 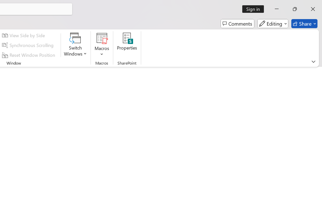 What do you see at coordinates (102, 45) in the screenshot?
I see `'Macros'` at bounding box center [102, 45].